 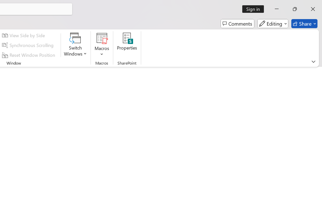 What do you see at coordinates (102, 45) in the screenshot?
I see `'Macros'` at bounding box center [102, 45].